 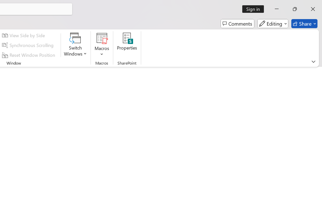 What do you see at coordinates (102, 45) in the screenshot?
I see `'Macros'` at bounding box center [102, 45].